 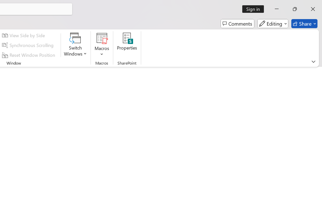 What do you see at coordinates (102, 45) in the screenshot?
I see `'Macros'` at bounding box center [102, 45].